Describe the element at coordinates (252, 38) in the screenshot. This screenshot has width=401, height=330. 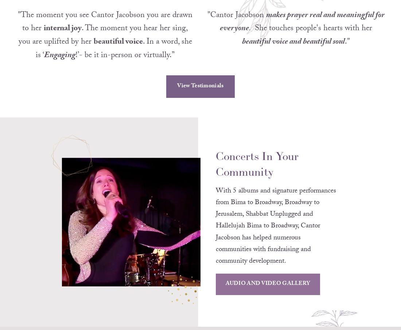
I see `'She touches people's hearts with her'` at that location.